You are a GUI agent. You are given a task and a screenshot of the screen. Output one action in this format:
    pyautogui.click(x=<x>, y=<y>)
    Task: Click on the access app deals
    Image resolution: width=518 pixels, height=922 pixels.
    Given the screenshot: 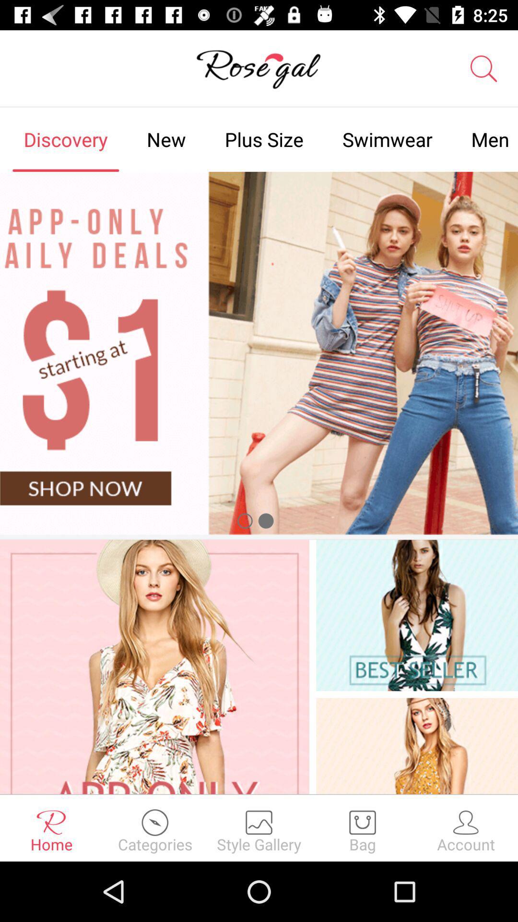 What is the action you would take?
    pyautogui.click(x=259, y=352)
    